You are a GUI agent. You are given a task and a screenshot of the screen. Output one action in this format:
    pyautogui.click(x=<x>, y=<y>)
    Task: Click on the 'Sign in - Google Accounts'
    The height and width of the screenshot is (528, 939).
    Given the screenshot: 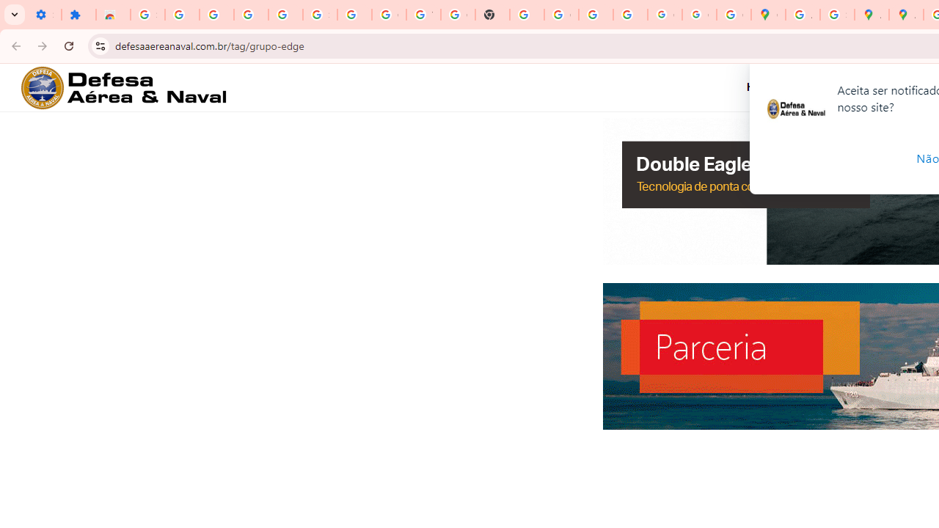 What is the action you would take?
    pyautogui.click(x=147, y=15)
    